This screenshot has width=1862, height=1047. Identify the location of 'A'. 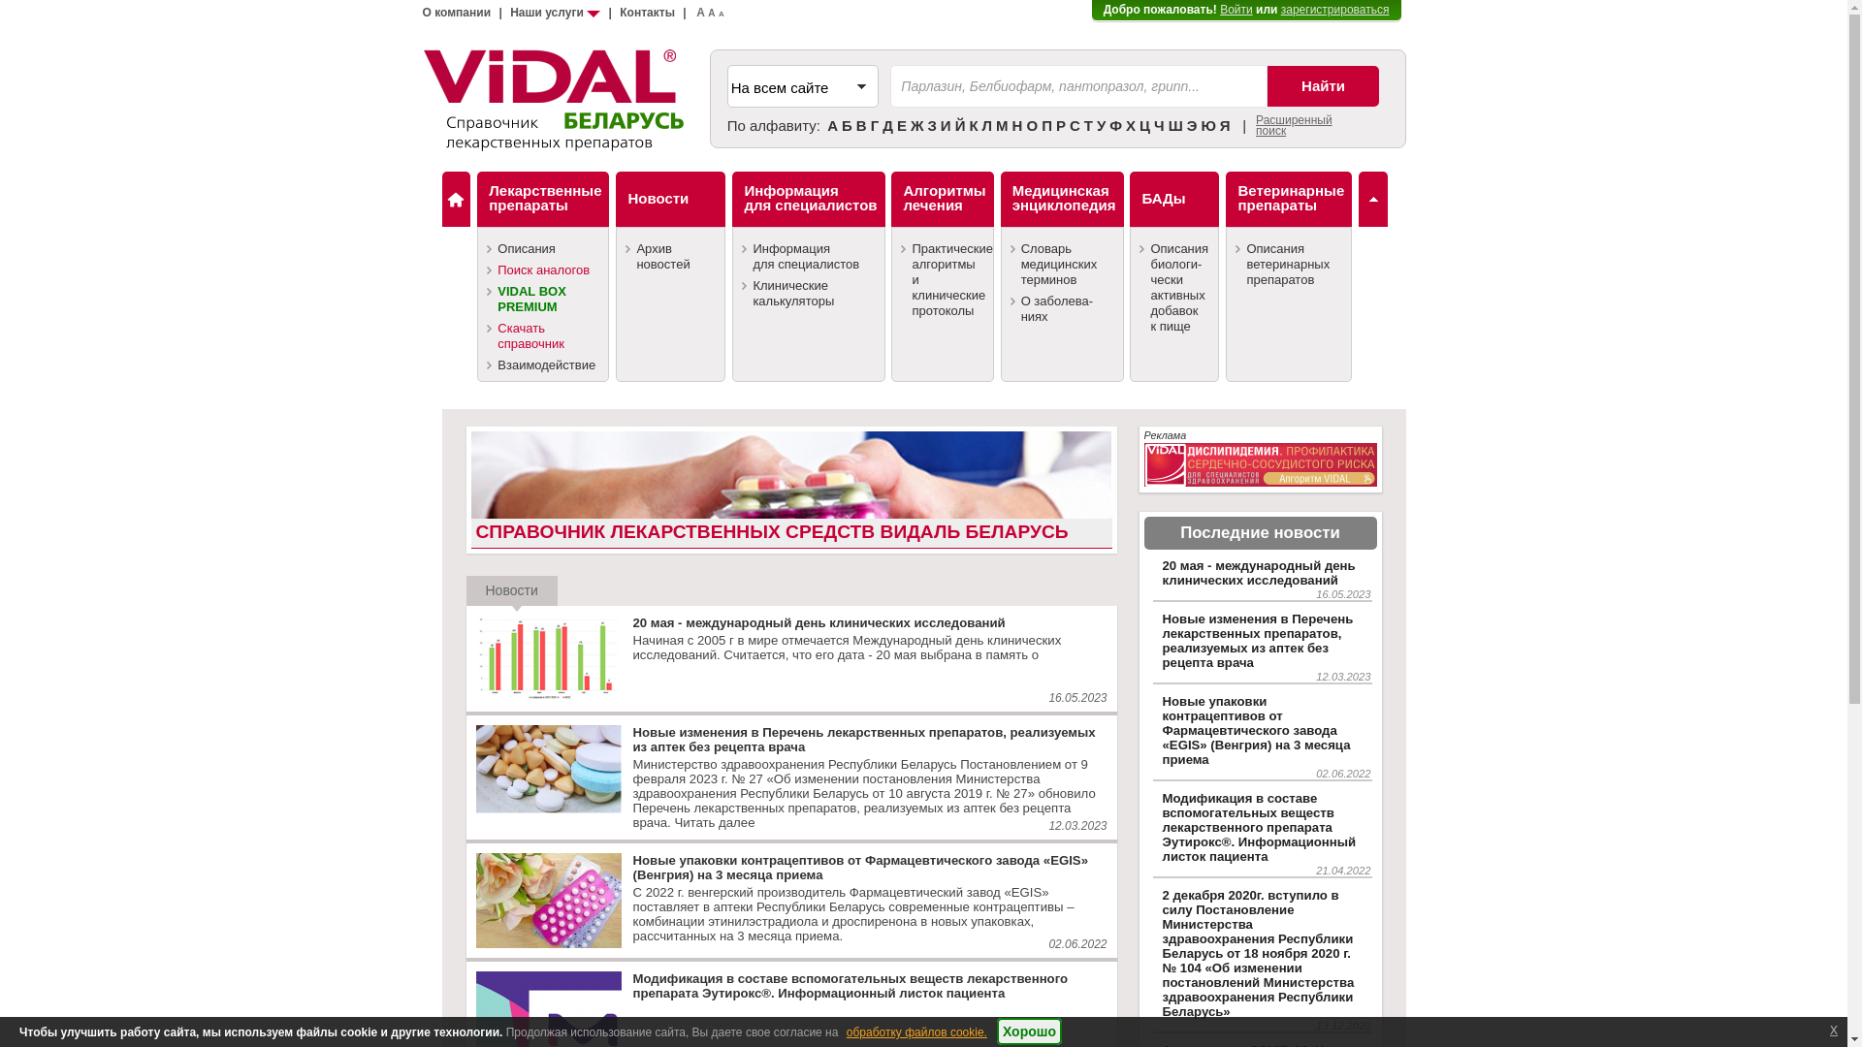
(706, 13).